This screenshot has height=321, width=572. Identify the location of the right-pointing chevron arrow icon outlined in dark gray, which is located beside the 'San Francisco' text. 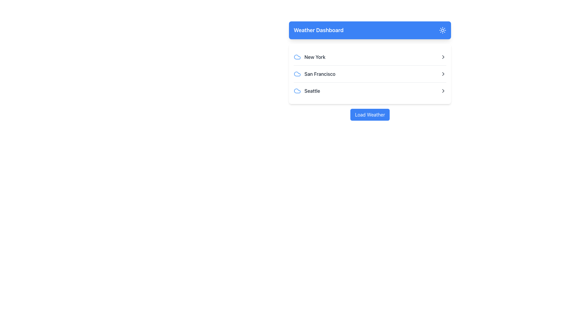
(443, 74).